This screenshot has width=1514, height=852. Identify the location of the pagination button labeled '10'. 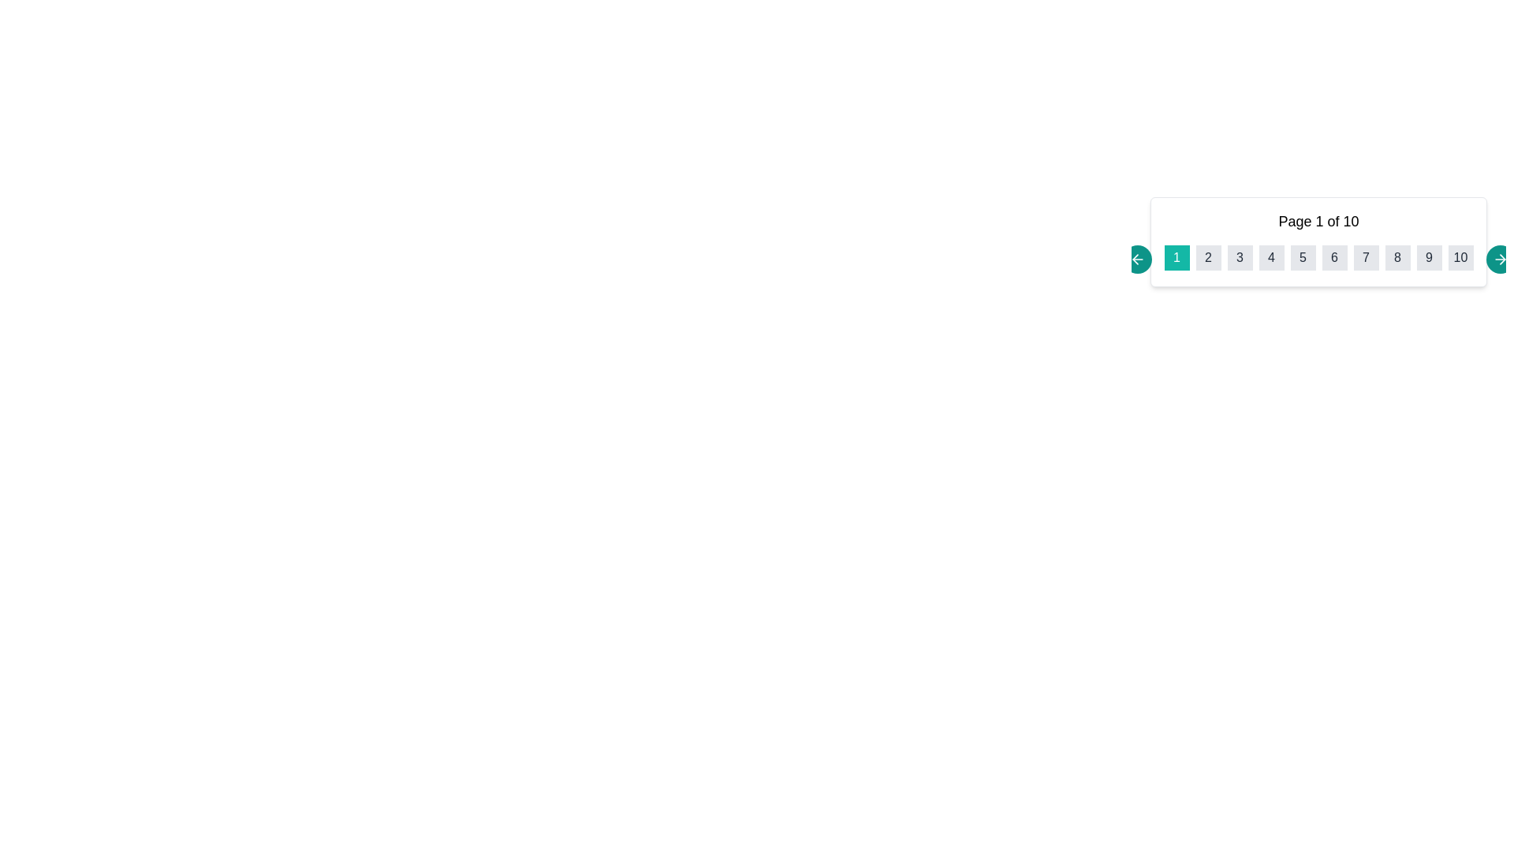
(1460, 257).